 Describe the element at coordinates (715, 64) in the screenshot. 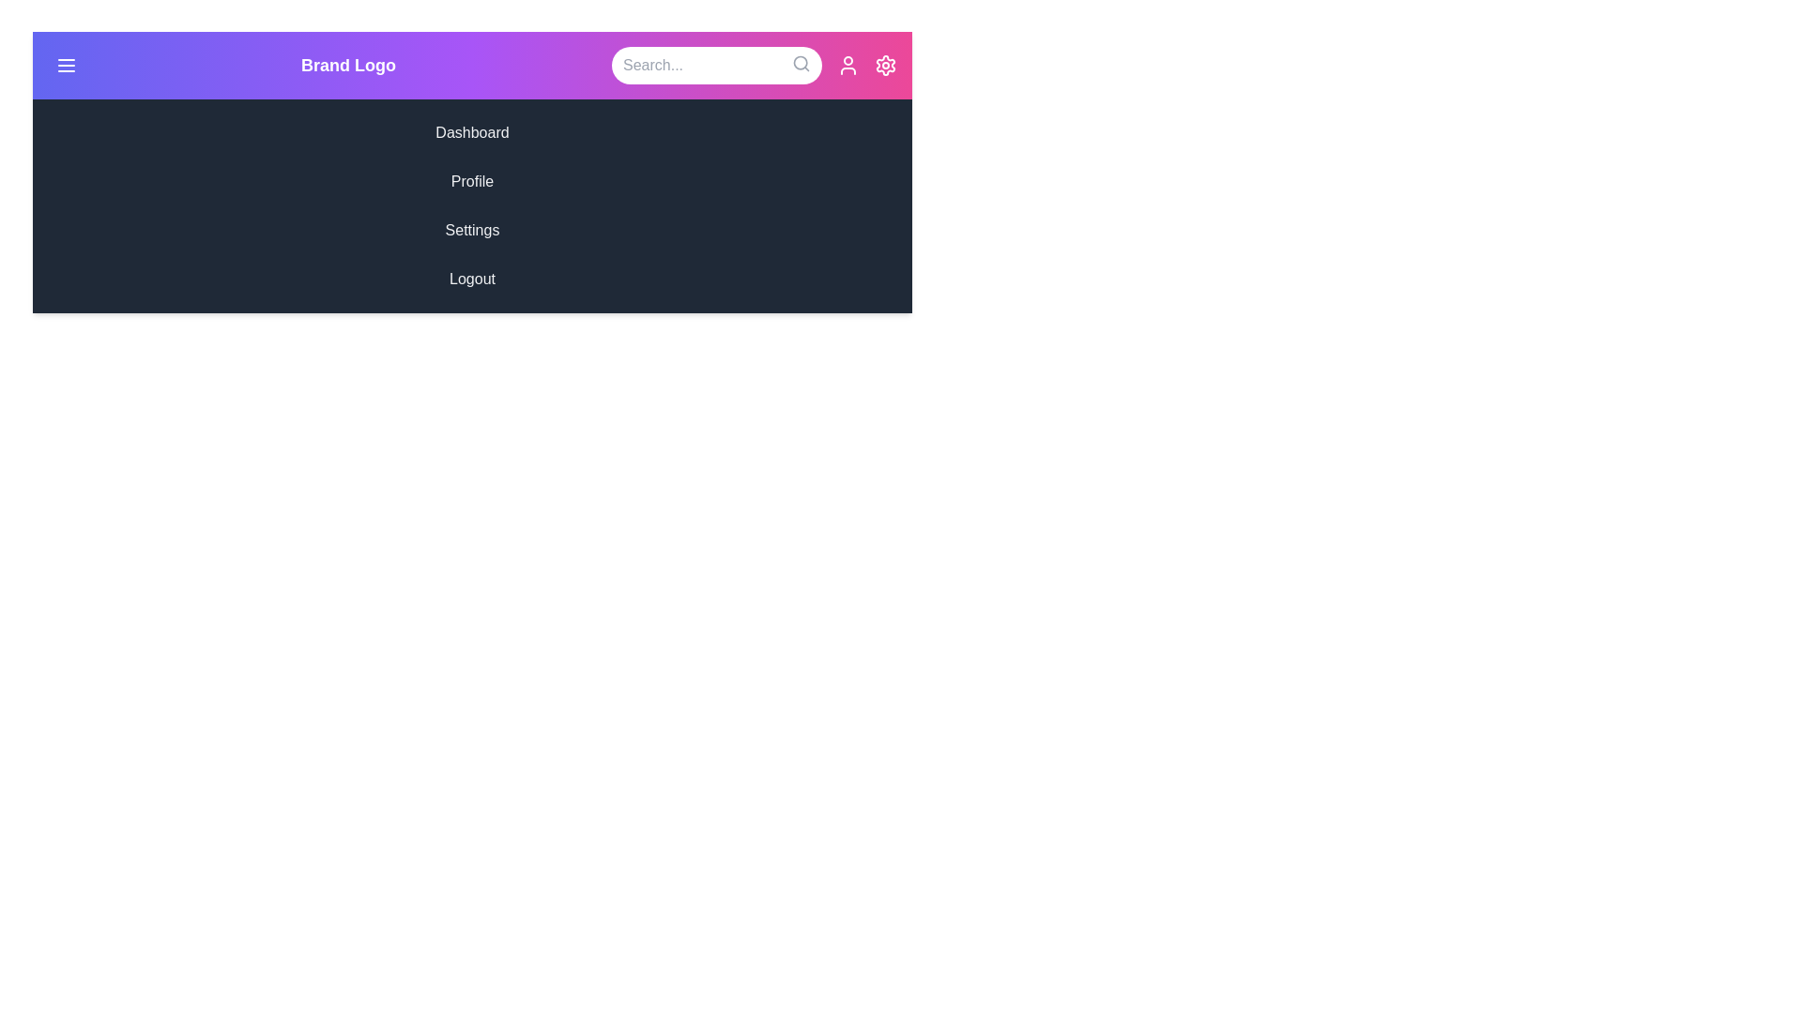

I see `the search input field to focus it` at that location.